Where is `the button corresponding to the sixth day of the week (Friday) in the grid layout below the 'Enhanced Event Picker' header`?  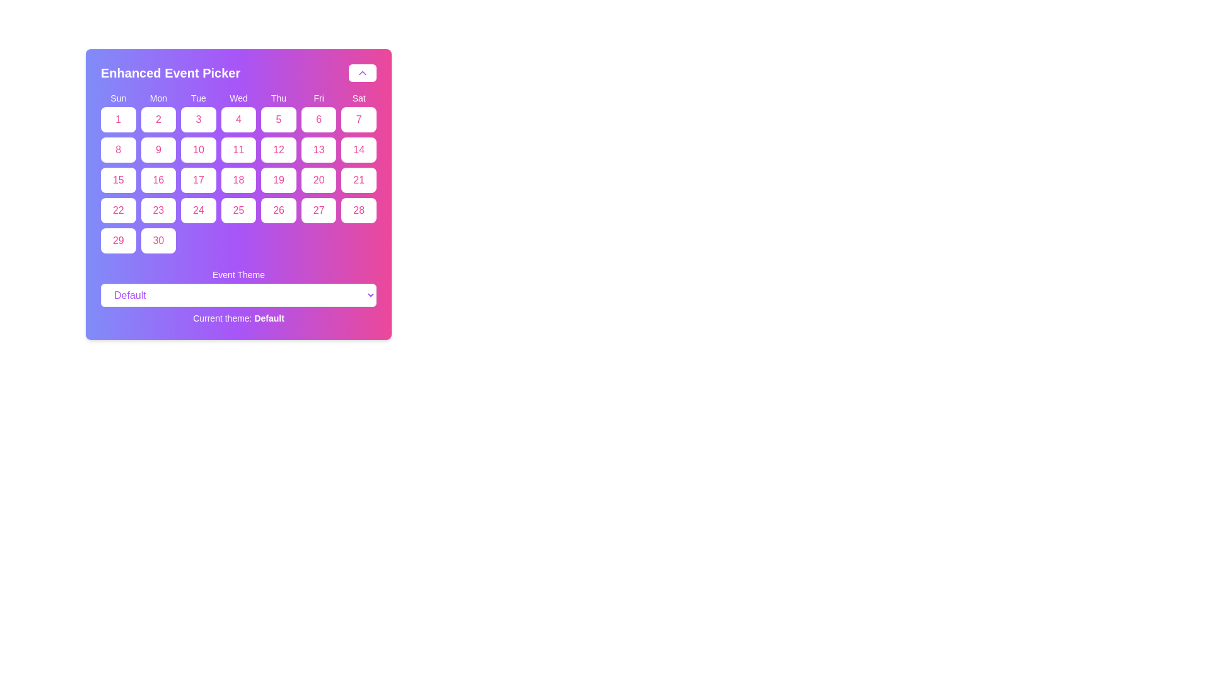 the button corresponding to the sixth day of the week (Friday) in the grid layout below the 'Enhanced Event Picker' header is located at coordinates (319, 119).